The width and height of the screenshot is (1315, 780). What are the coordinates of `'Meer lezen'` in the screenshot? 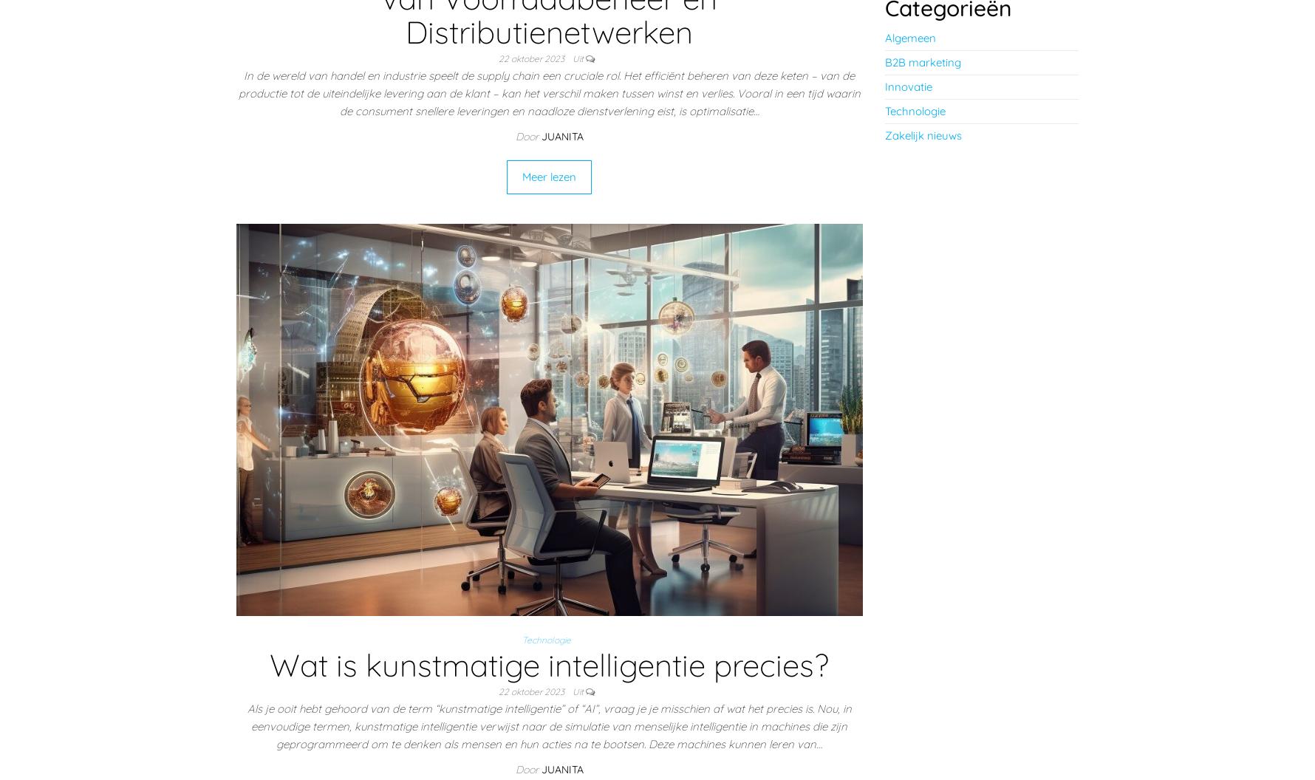 It's located at (549, 176).